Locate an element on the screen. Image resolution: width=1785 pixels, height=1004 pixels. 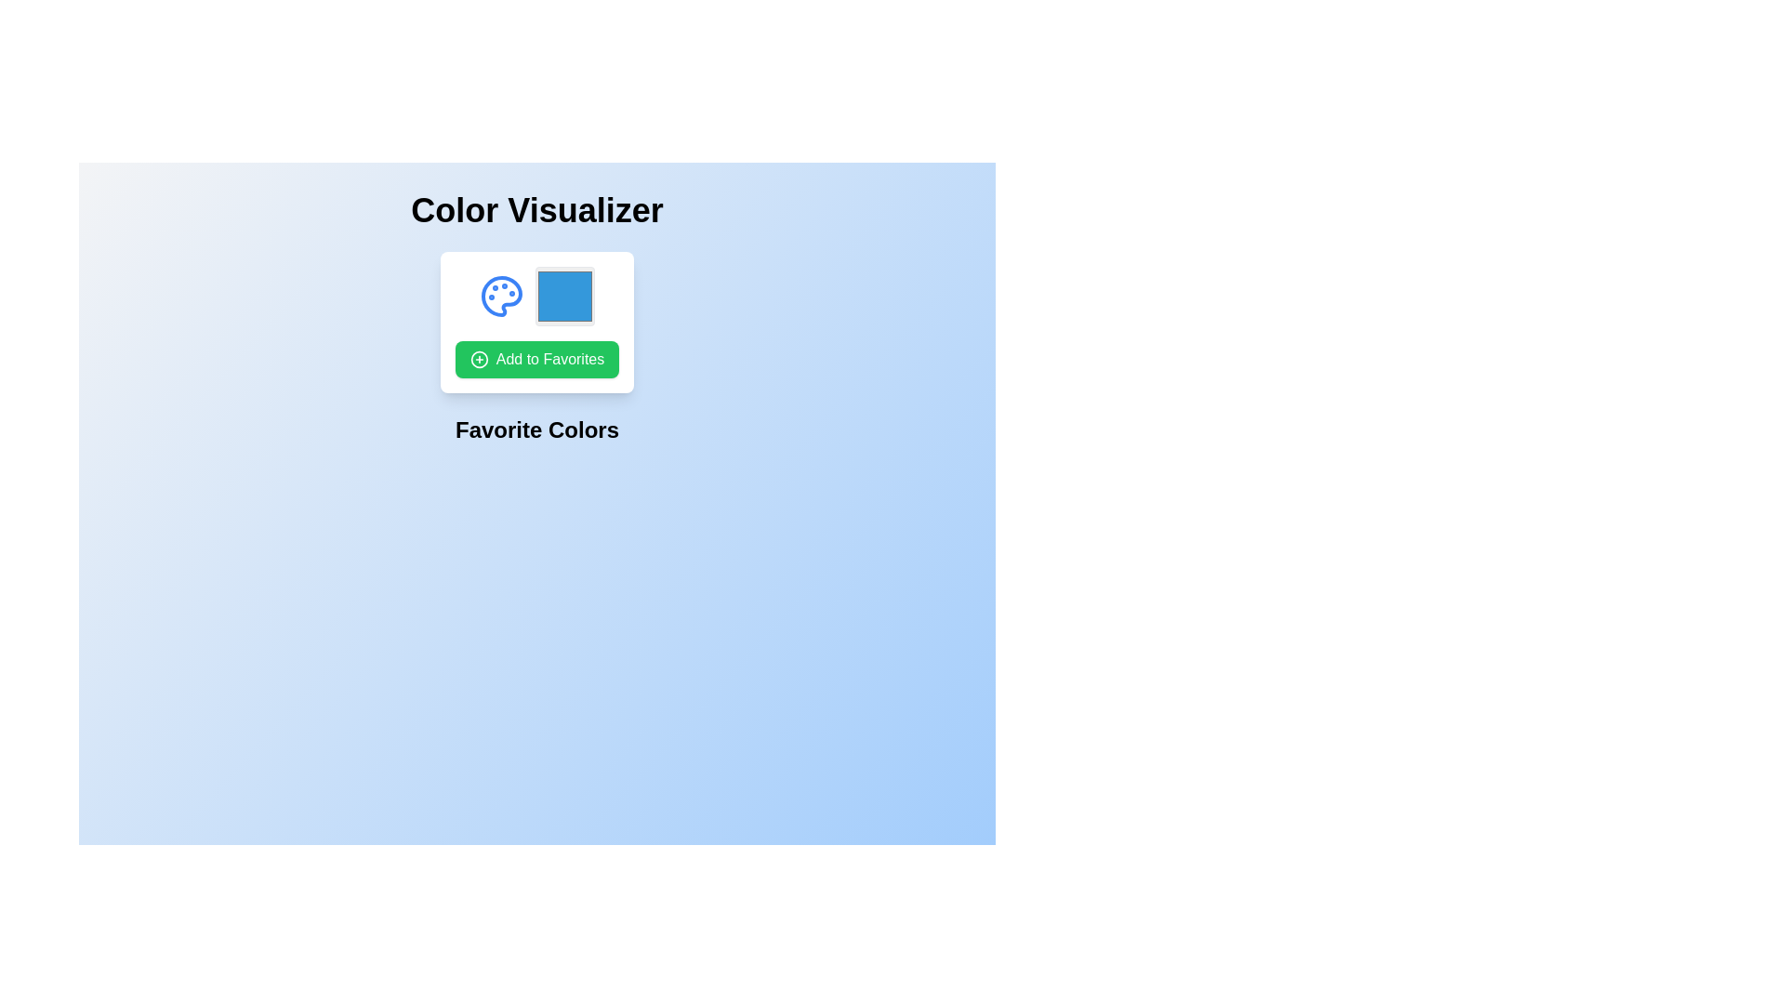
the blue color display box with rounded corners, located is located at coordinates (535, 296).